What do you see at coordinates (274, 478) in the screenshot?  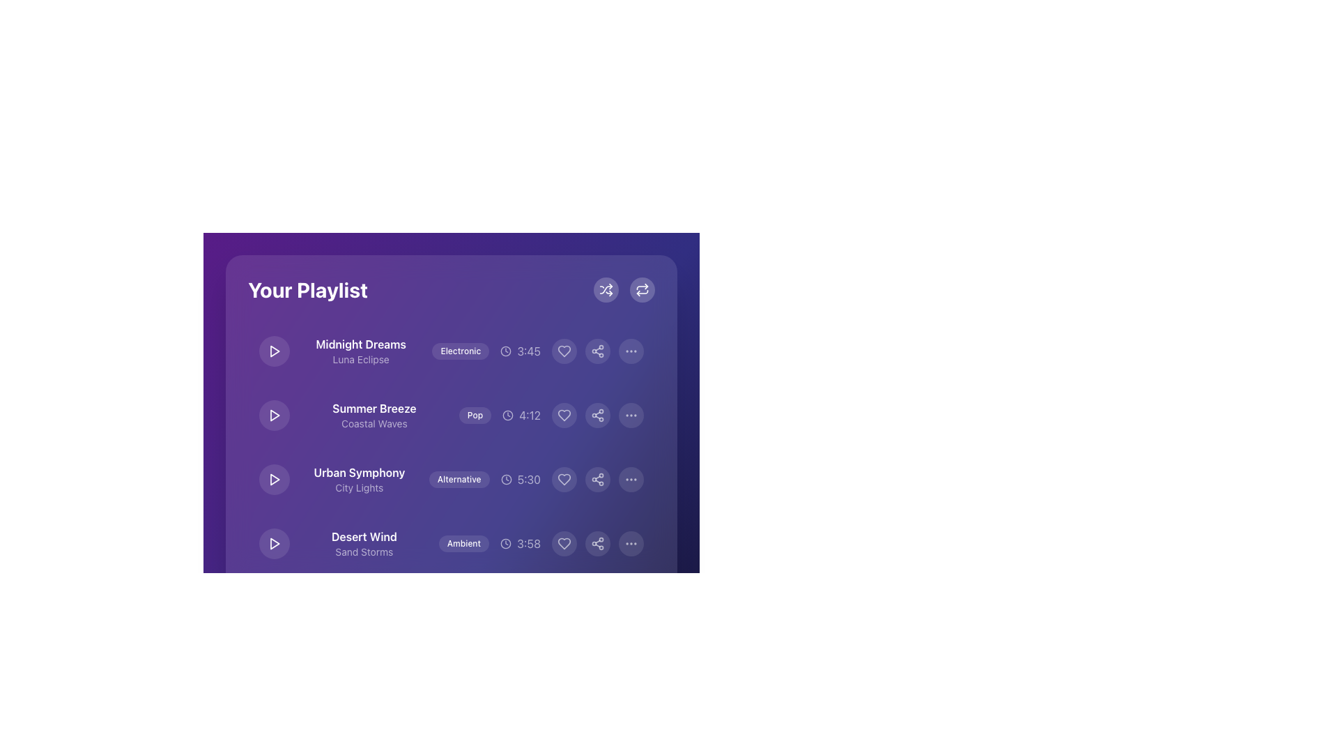 I see `the first button in the vertical list to play the associated audio track, located to the left of the text 'Urban Symphony'` at bounding box center [274, 478].